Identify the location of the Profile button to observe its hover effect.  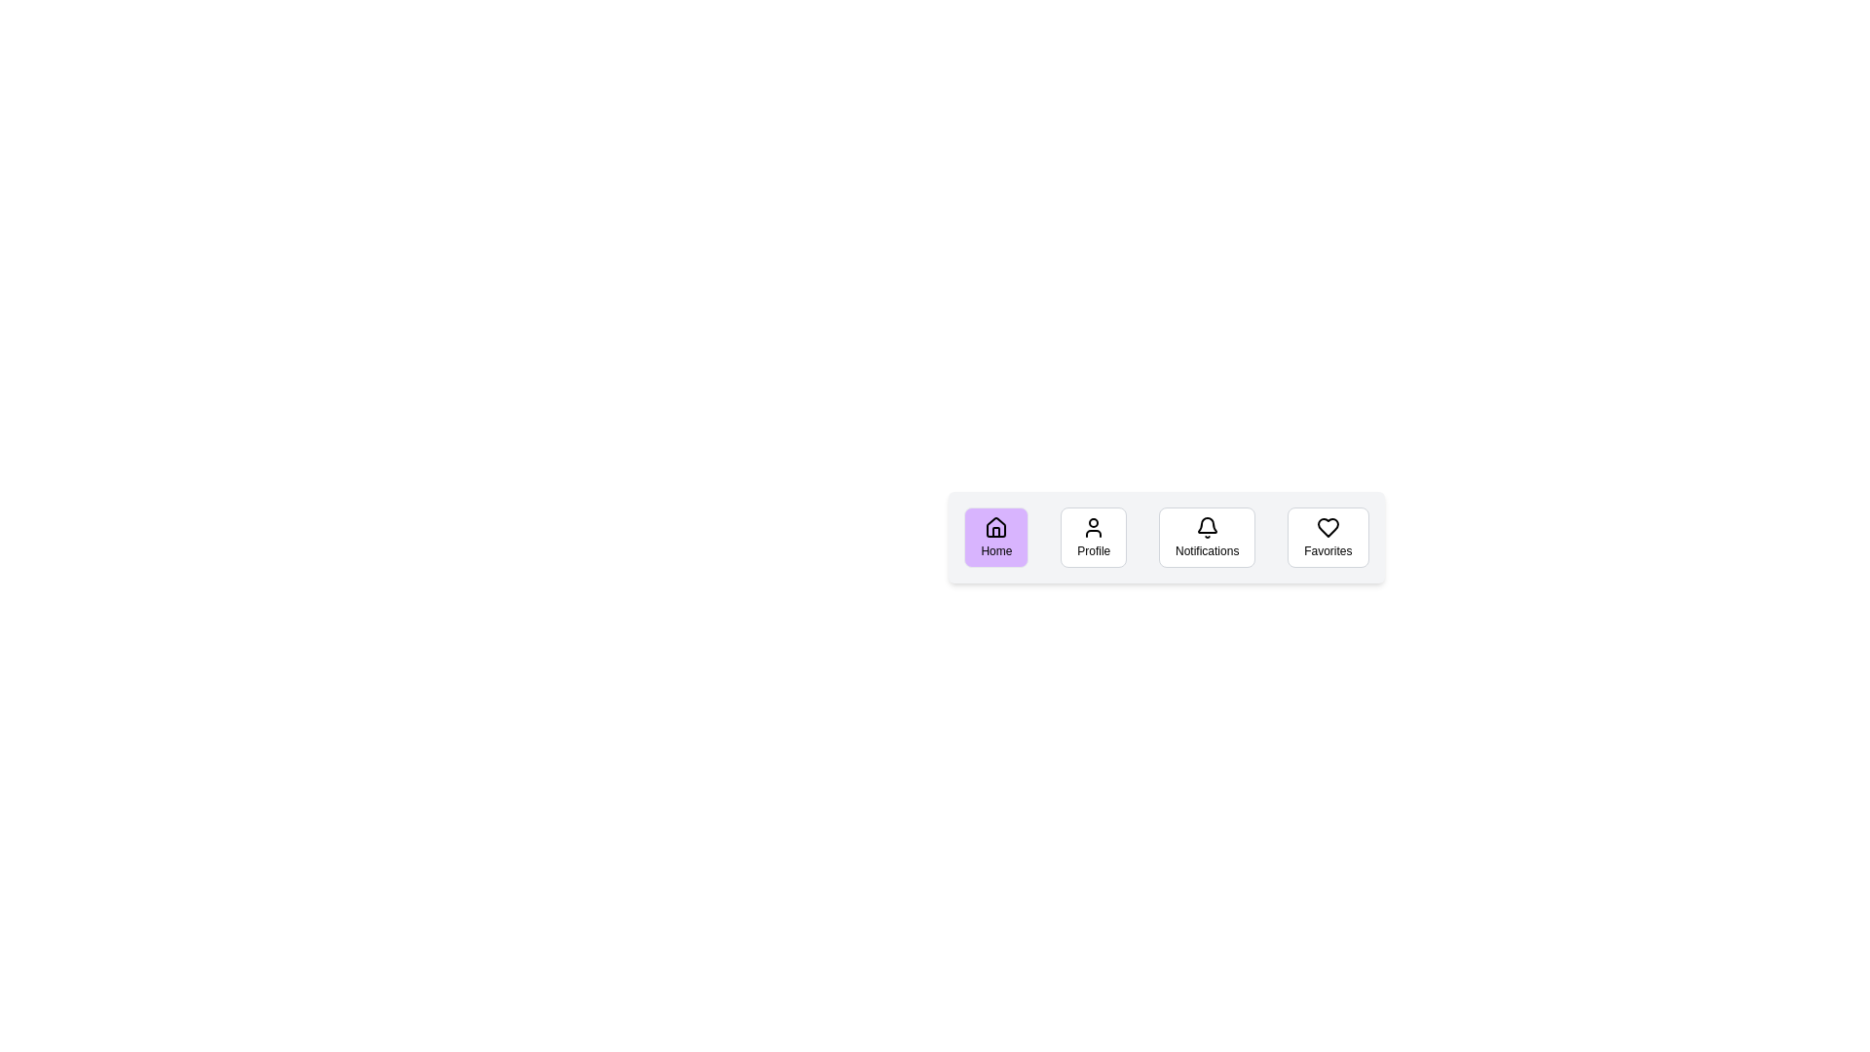
(1094, 537).